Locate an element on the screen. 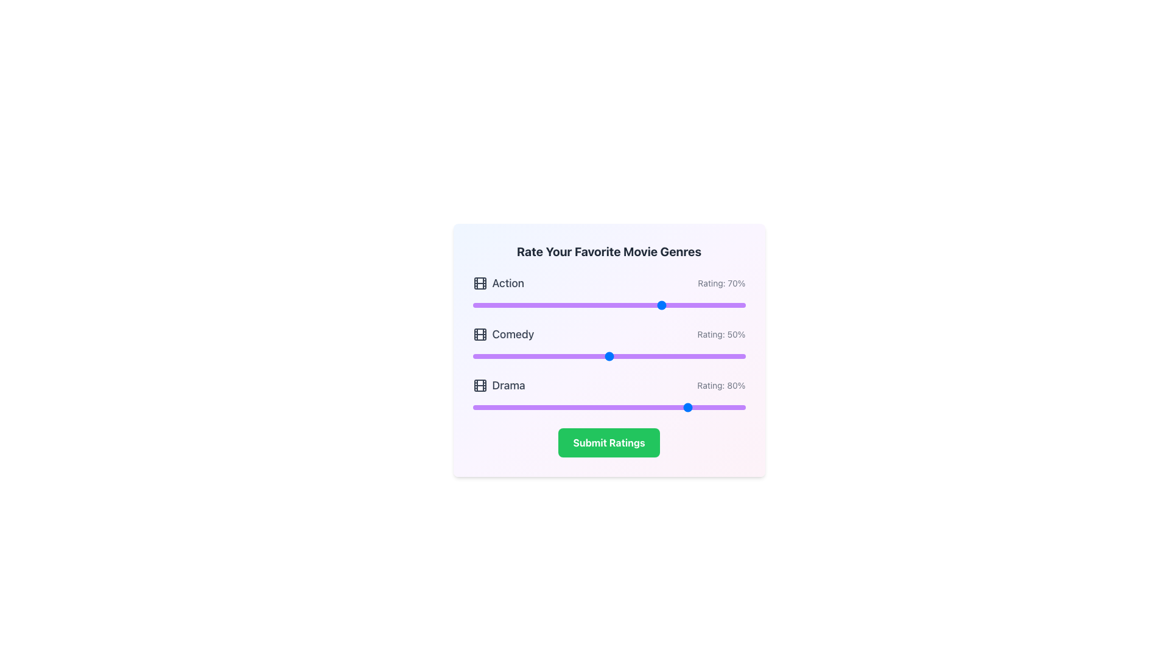  the text label displaying 'Rating: 50%' located on the right side of the 'Comedy' row, next to the score slider for this genre is located at coordinates (721, 335).